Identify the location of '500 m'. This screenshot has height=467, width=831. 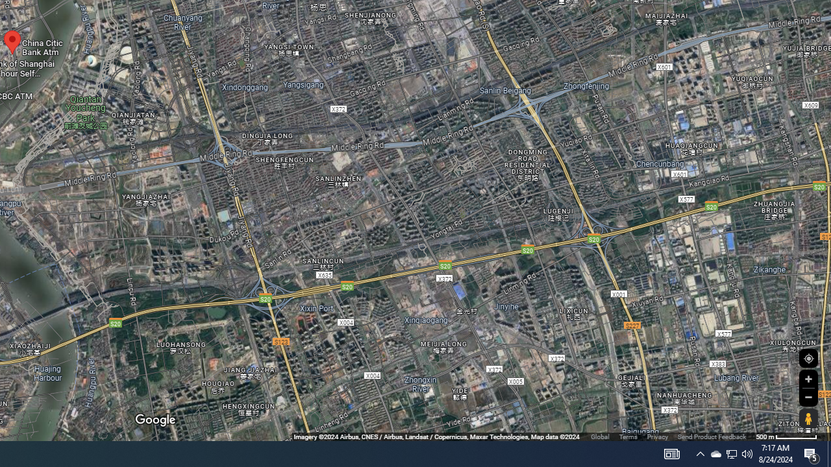
(786, 437).